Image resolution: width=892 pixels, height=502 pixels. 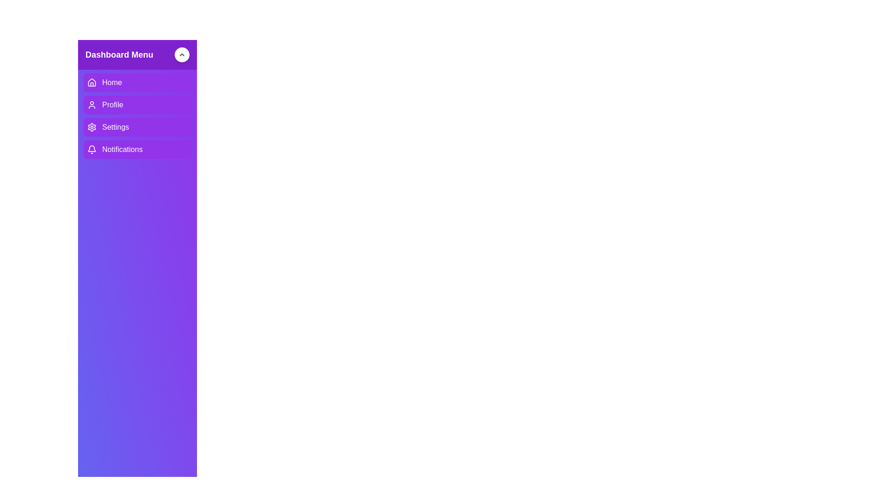 I want to click on the 'Home' text label, which is styled in bold white font on a purple background, located in the sidebar navigation pane as the first menu item, so click(x=111, y=82).